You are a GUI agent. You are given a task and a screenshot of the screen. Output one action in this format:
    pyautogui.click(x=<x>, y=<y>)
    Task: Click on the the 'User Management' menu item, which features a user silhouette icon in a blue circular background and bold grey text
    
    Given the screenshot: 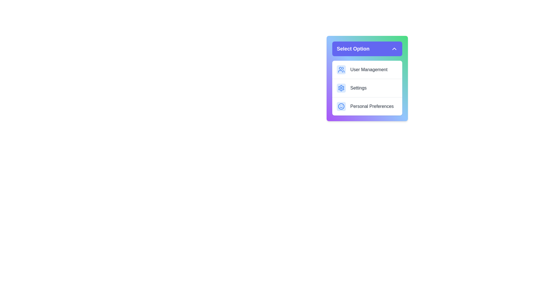 What is the action you would take?
    pyautogui.click(x=367, y=69)
    